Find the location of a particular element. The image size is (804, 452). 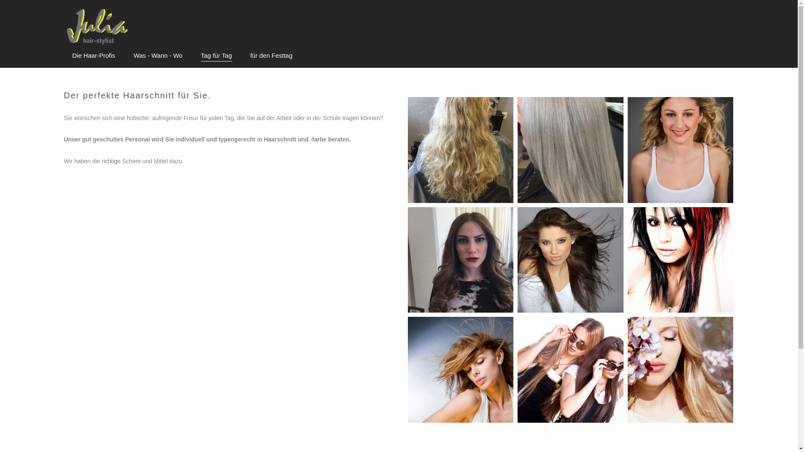

'Die Haar-Profis' is located at coordinates (93, 55).